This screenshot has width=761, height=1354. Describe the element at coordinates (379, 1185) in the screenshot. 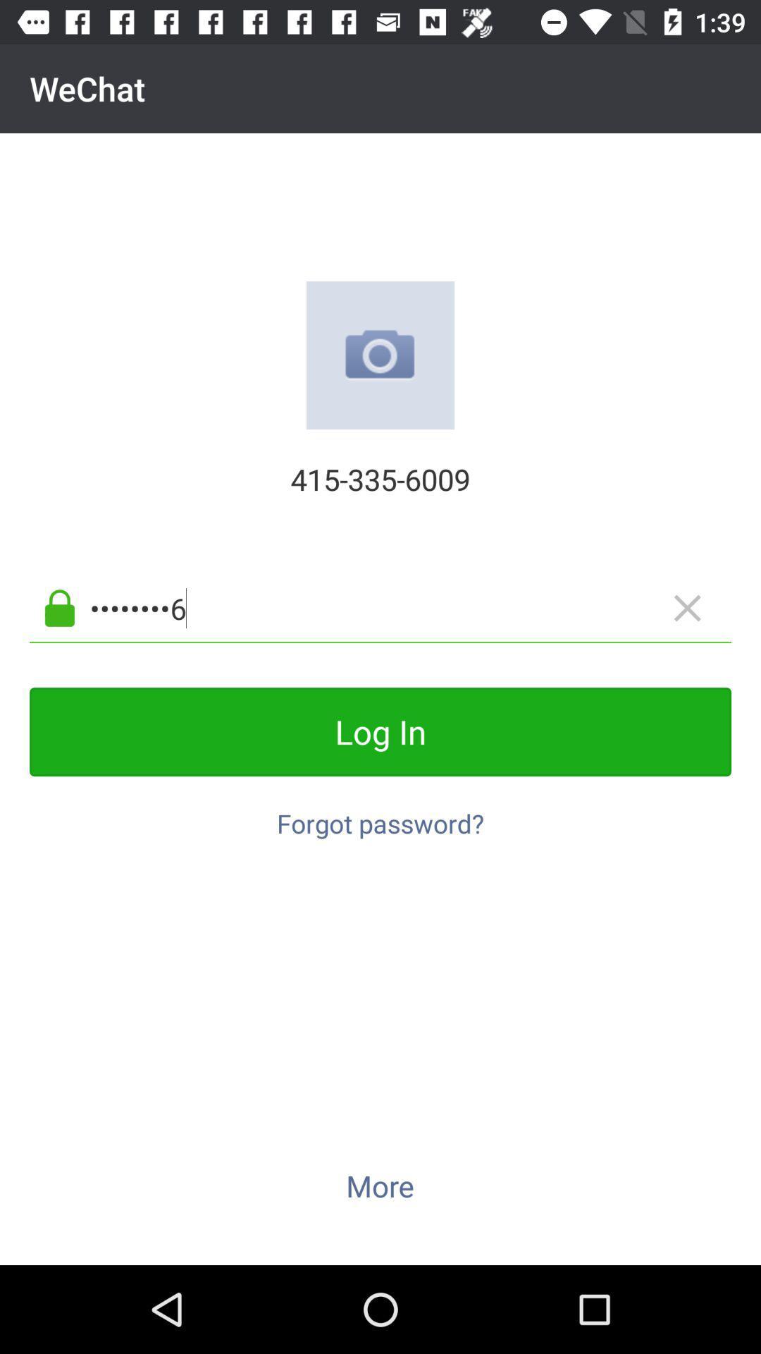

I see `the more icon` at that location.